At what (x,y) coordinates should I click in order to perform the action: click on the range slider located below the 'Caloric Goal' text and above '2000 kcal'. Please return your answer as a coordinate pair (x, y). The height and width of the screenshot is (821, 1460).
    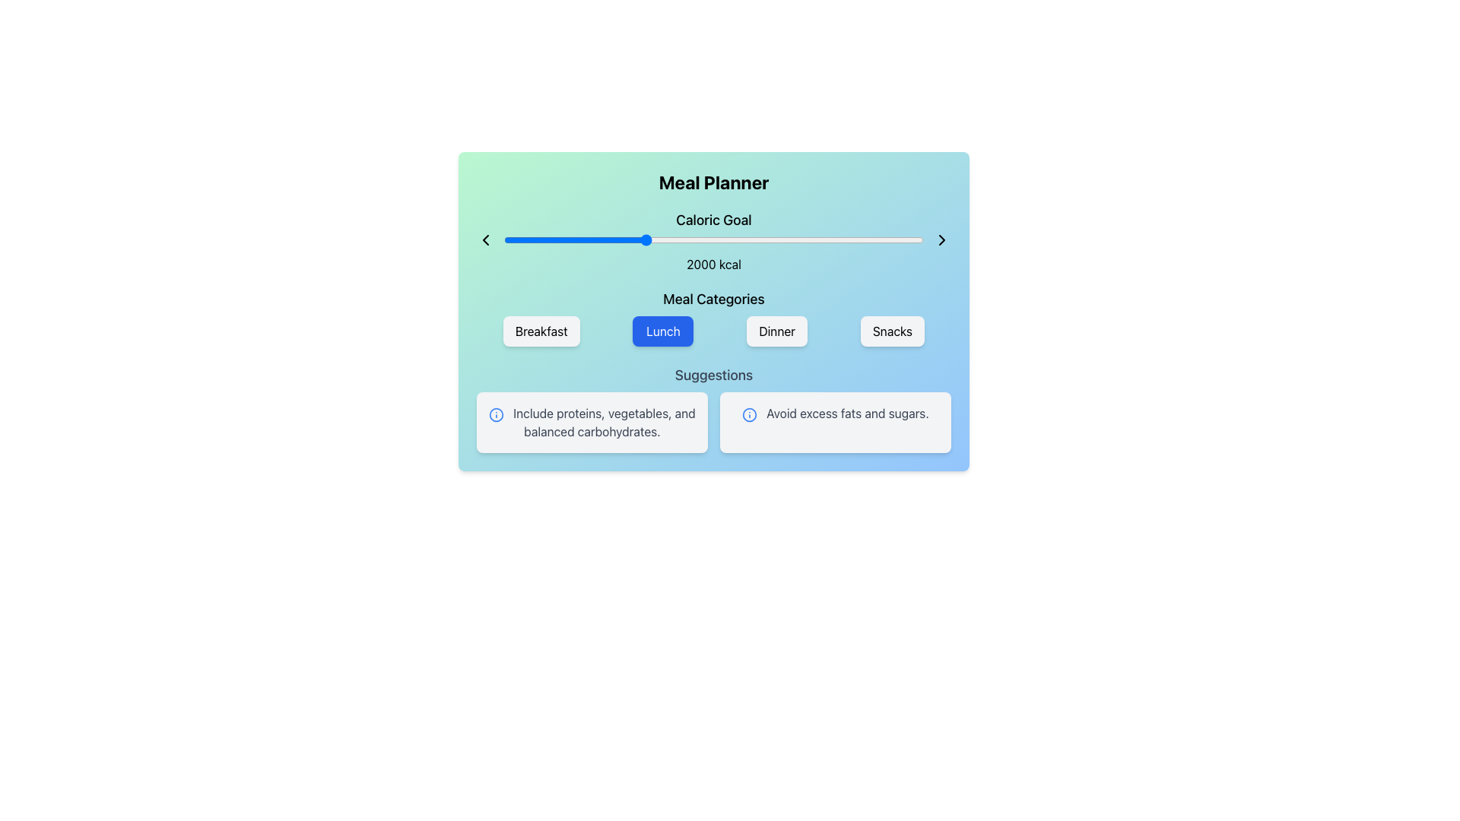
    Looking at the image, I should click on (713, 239).